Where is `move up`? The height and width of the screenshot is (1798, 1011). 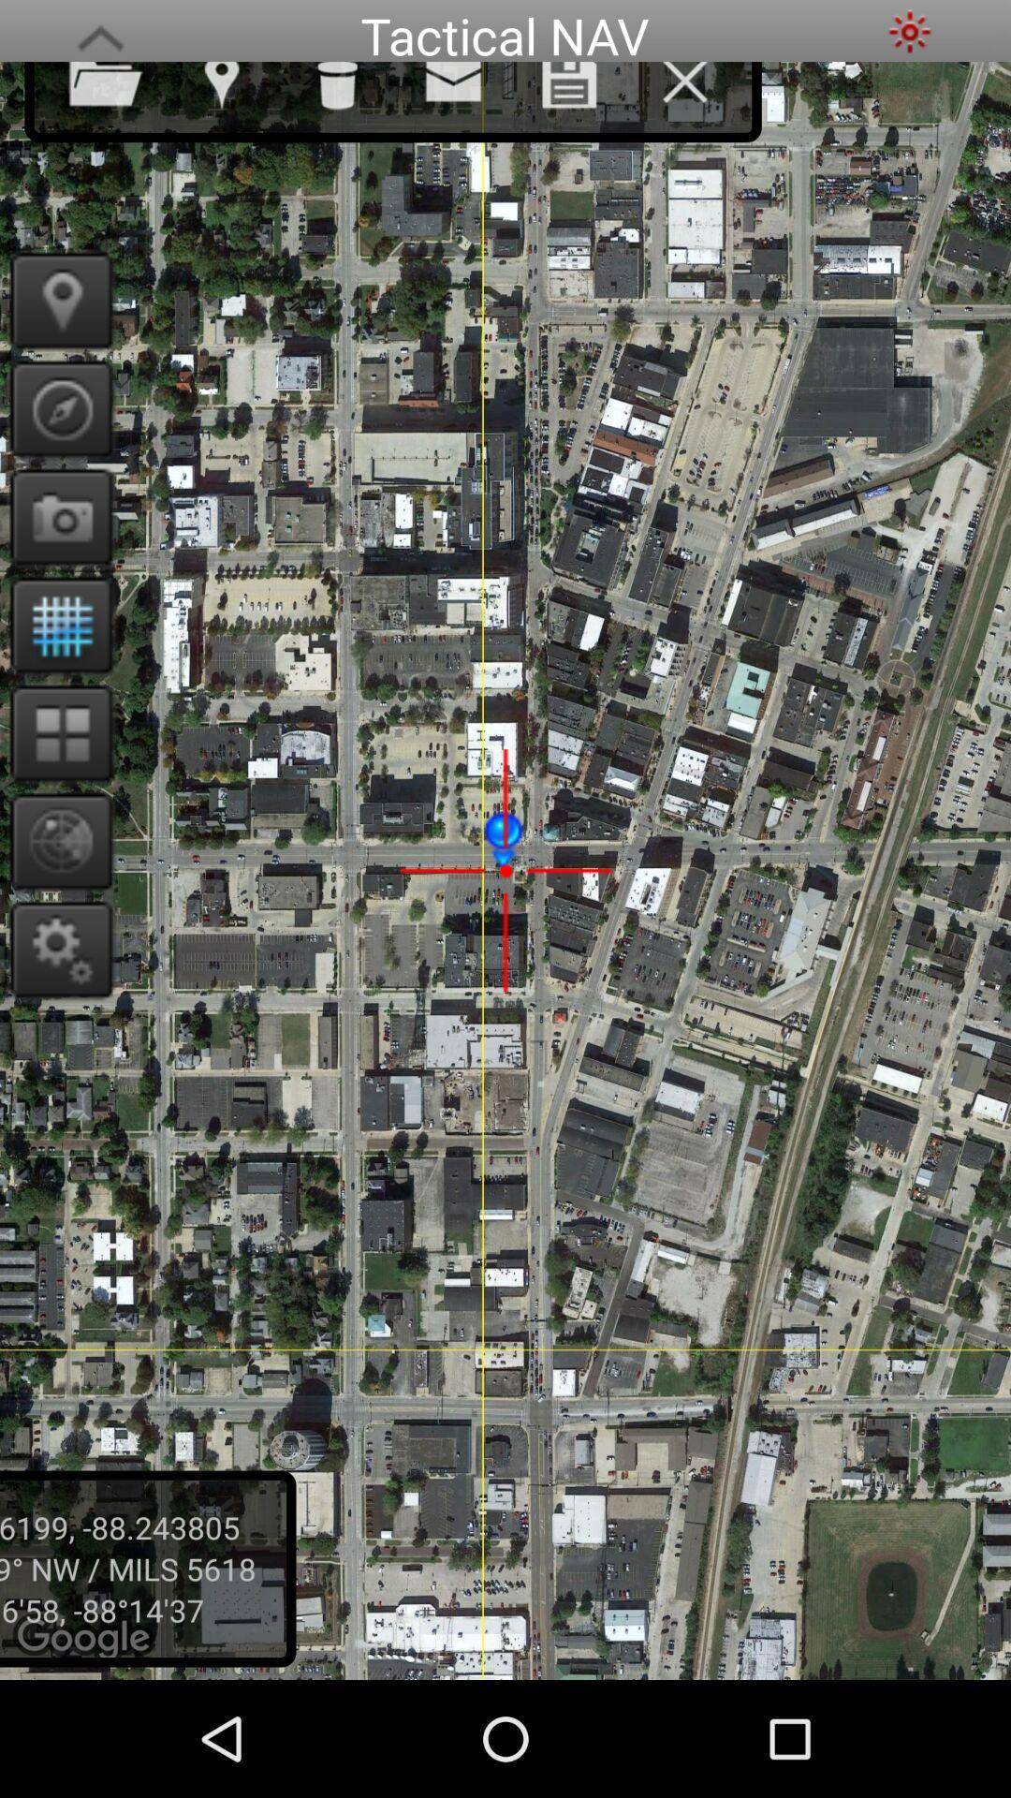 move up is located at coordinates (100, 31).